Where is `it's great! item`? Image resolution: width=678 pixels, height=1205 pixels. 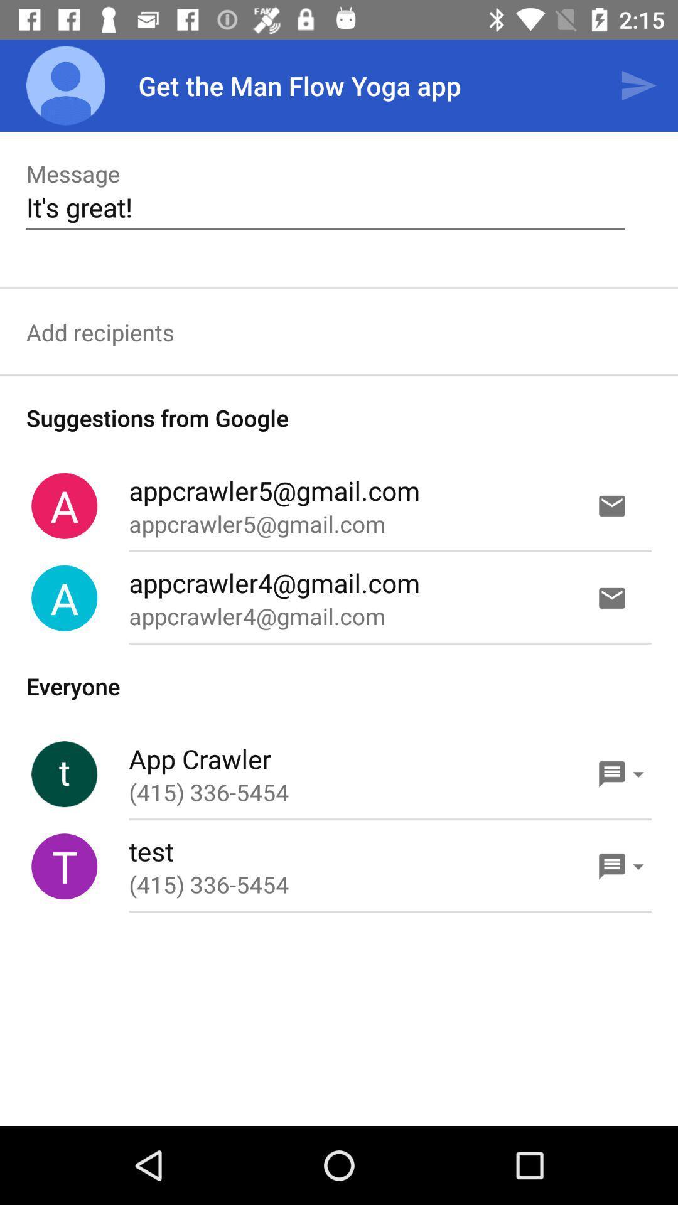 it's great! item is located at coordinates (325, 207).